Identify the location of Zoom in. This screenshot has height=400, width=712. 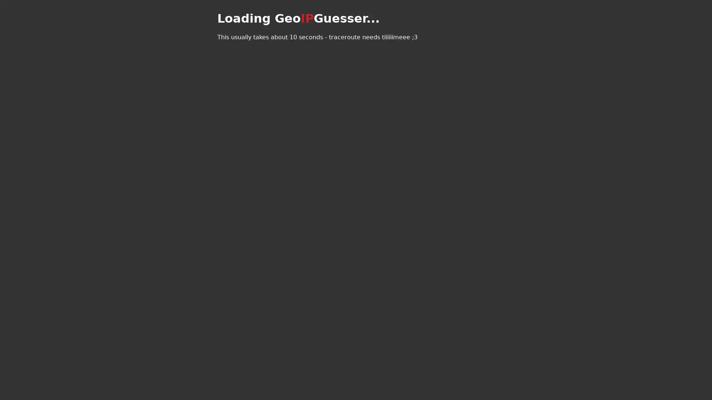
(223, 13).